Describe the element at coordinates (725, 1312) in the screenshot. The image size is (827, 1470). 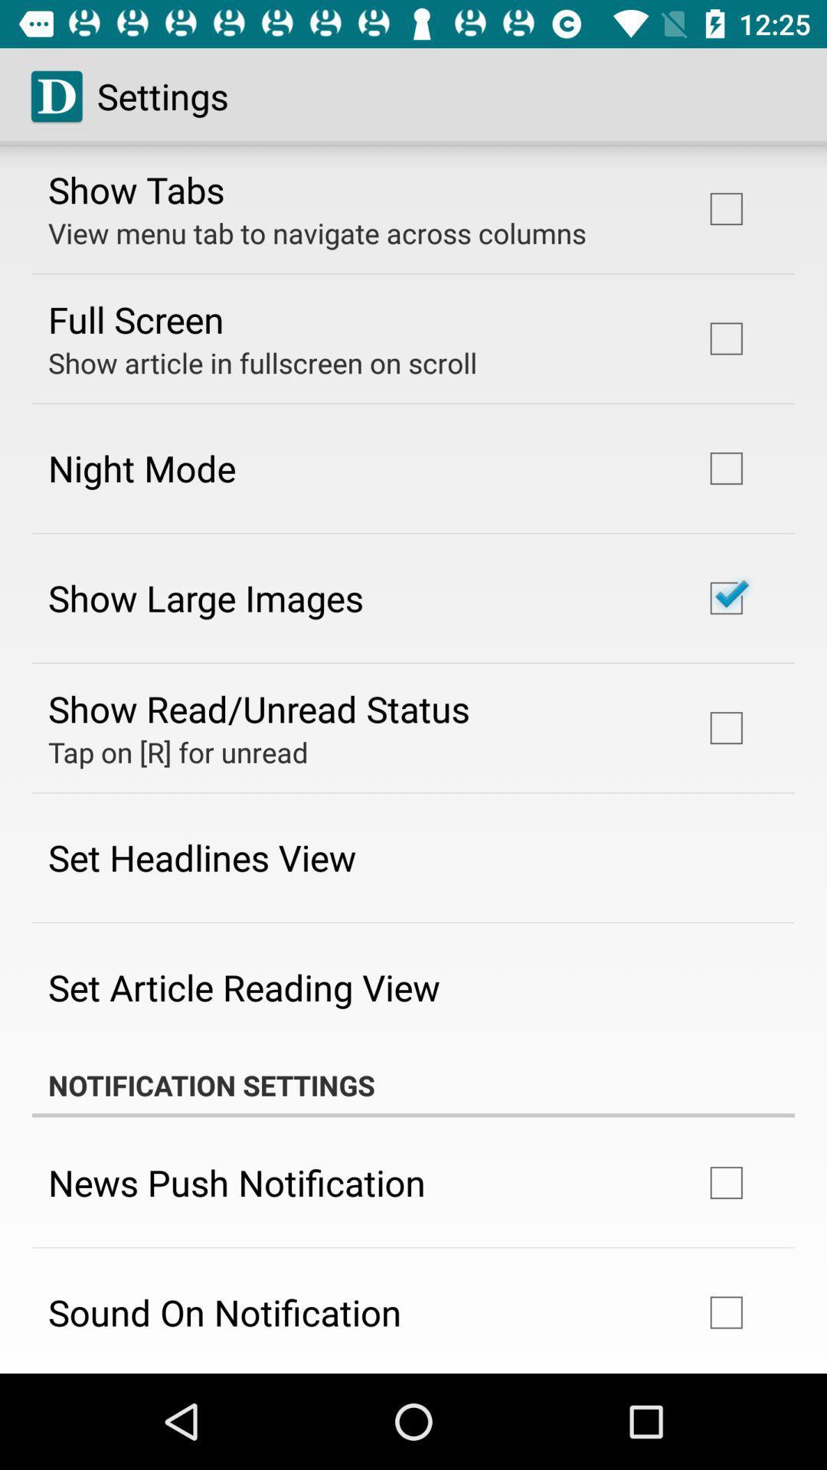
I see `right bottom button` at that location.